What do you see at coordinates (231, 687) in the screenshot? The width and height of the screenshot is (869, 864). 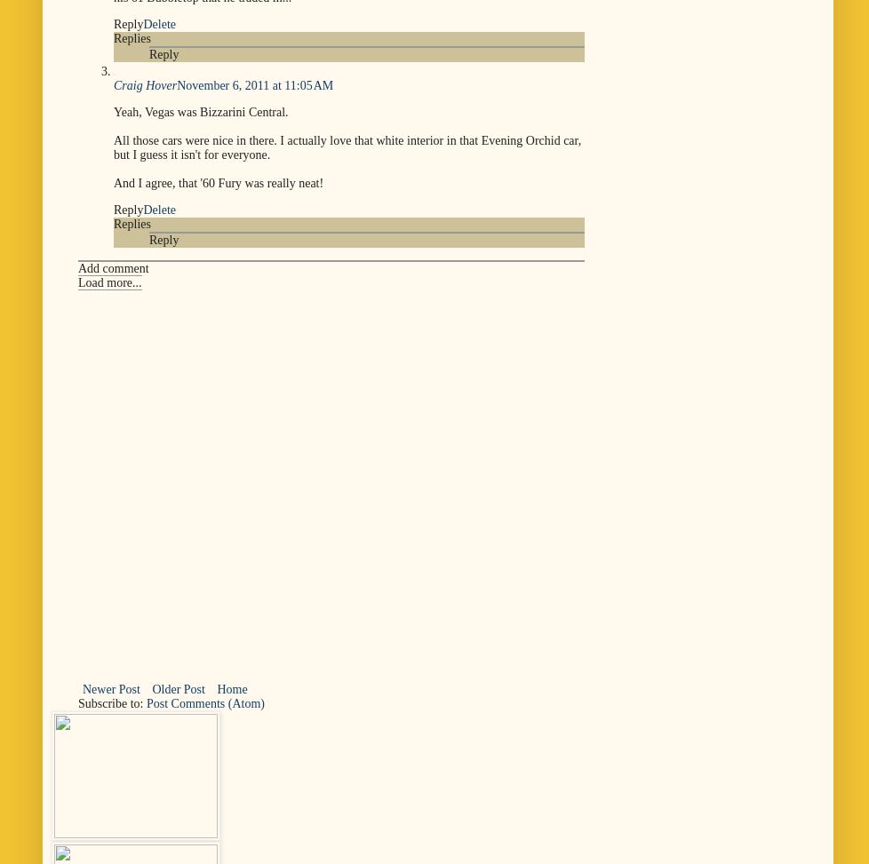 I see `'Home'` at bounding box center [231, 687].